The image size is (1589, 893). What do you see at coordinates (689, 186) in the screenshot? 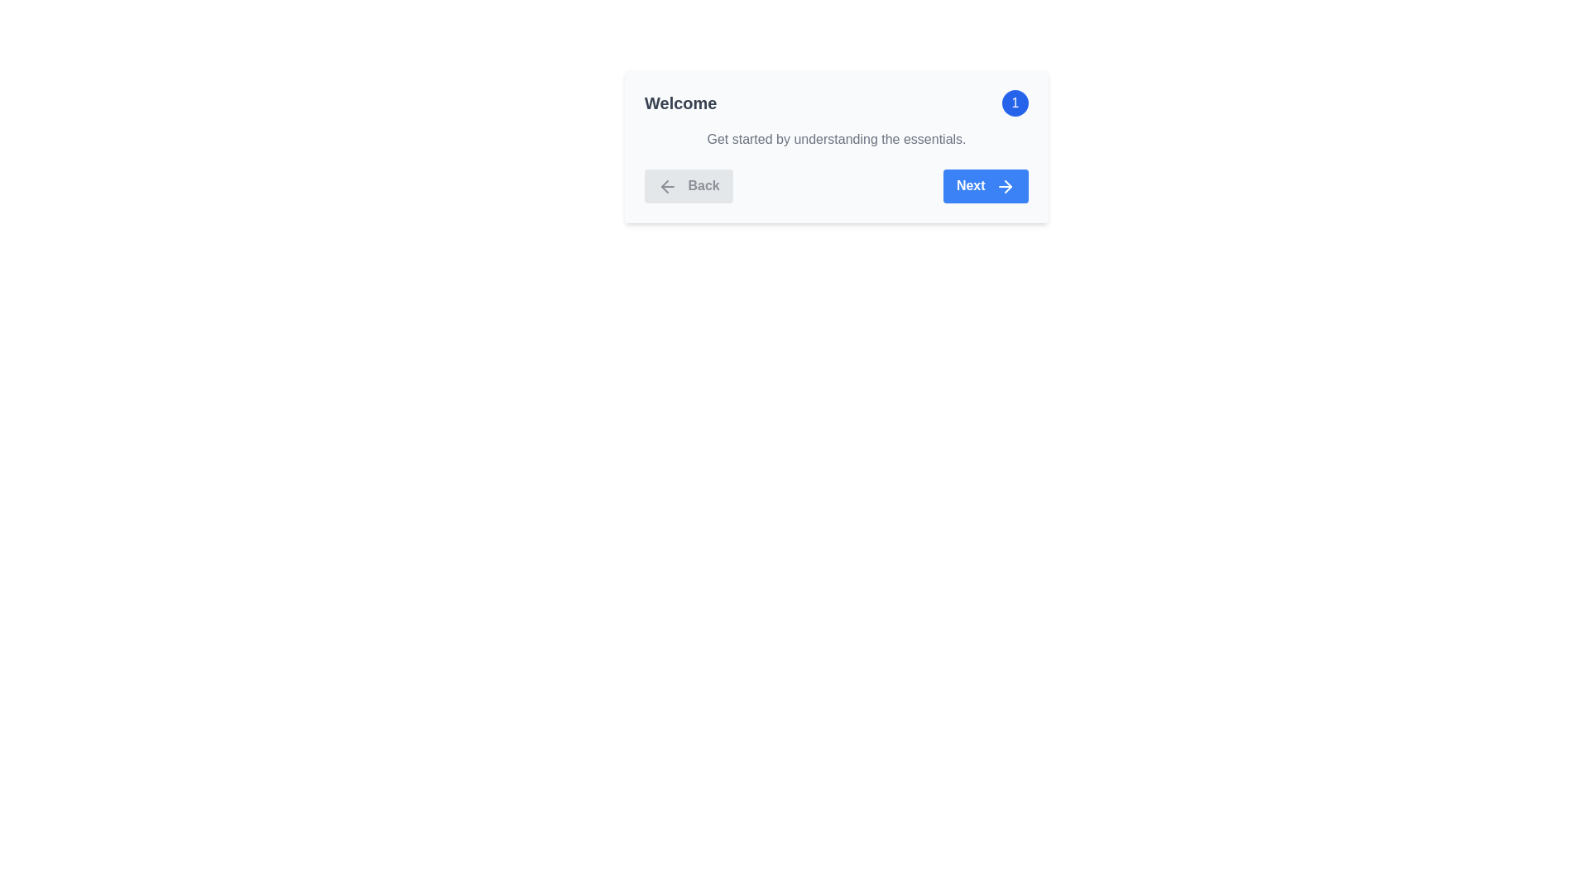
I see `the 'Back' button, which has a gray background, rounded corners, and is located near the middle-left of the section` at bounding box center [689, 186].